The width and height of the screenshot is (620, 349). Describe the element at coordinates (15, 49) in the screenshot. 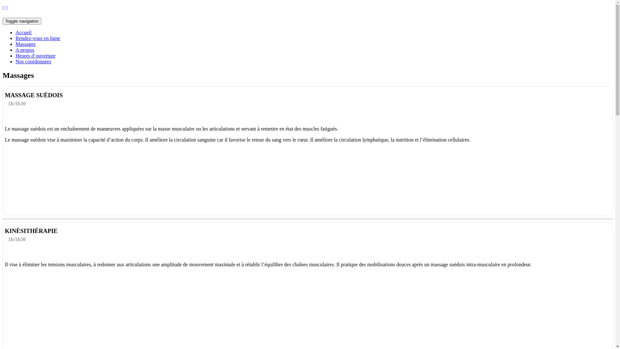

I see `'A propos'` at that location.